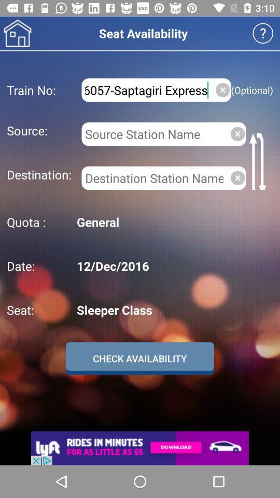 The image size is (280, 498). I want to click on the home icon, so click(17, 33).